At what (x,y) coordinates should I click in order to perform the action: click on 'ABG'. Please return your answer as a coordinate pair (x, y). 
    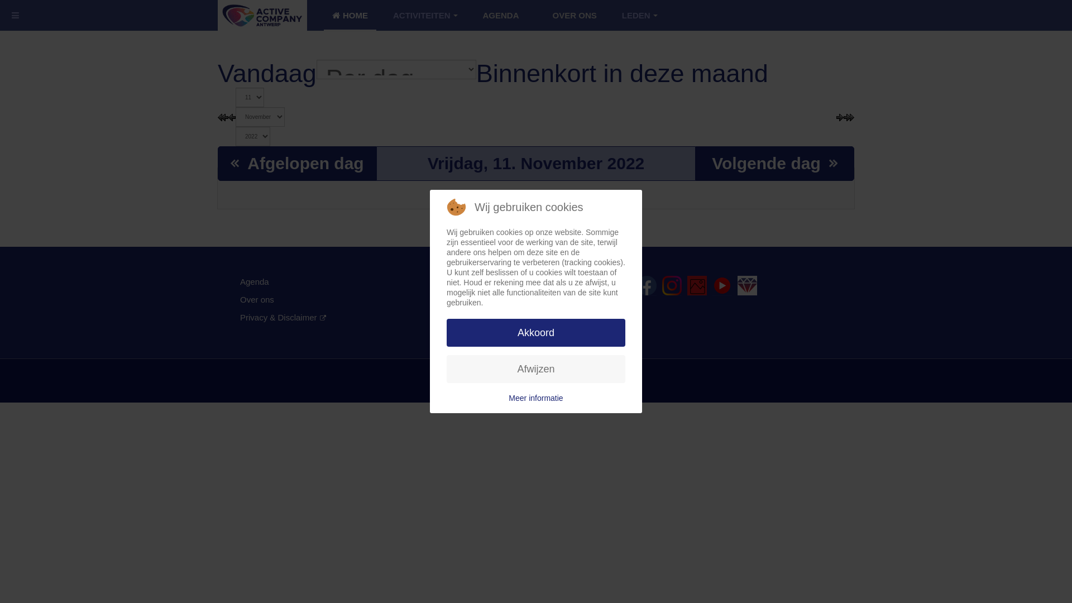
    Looking at the image, I should click on (747, 285).